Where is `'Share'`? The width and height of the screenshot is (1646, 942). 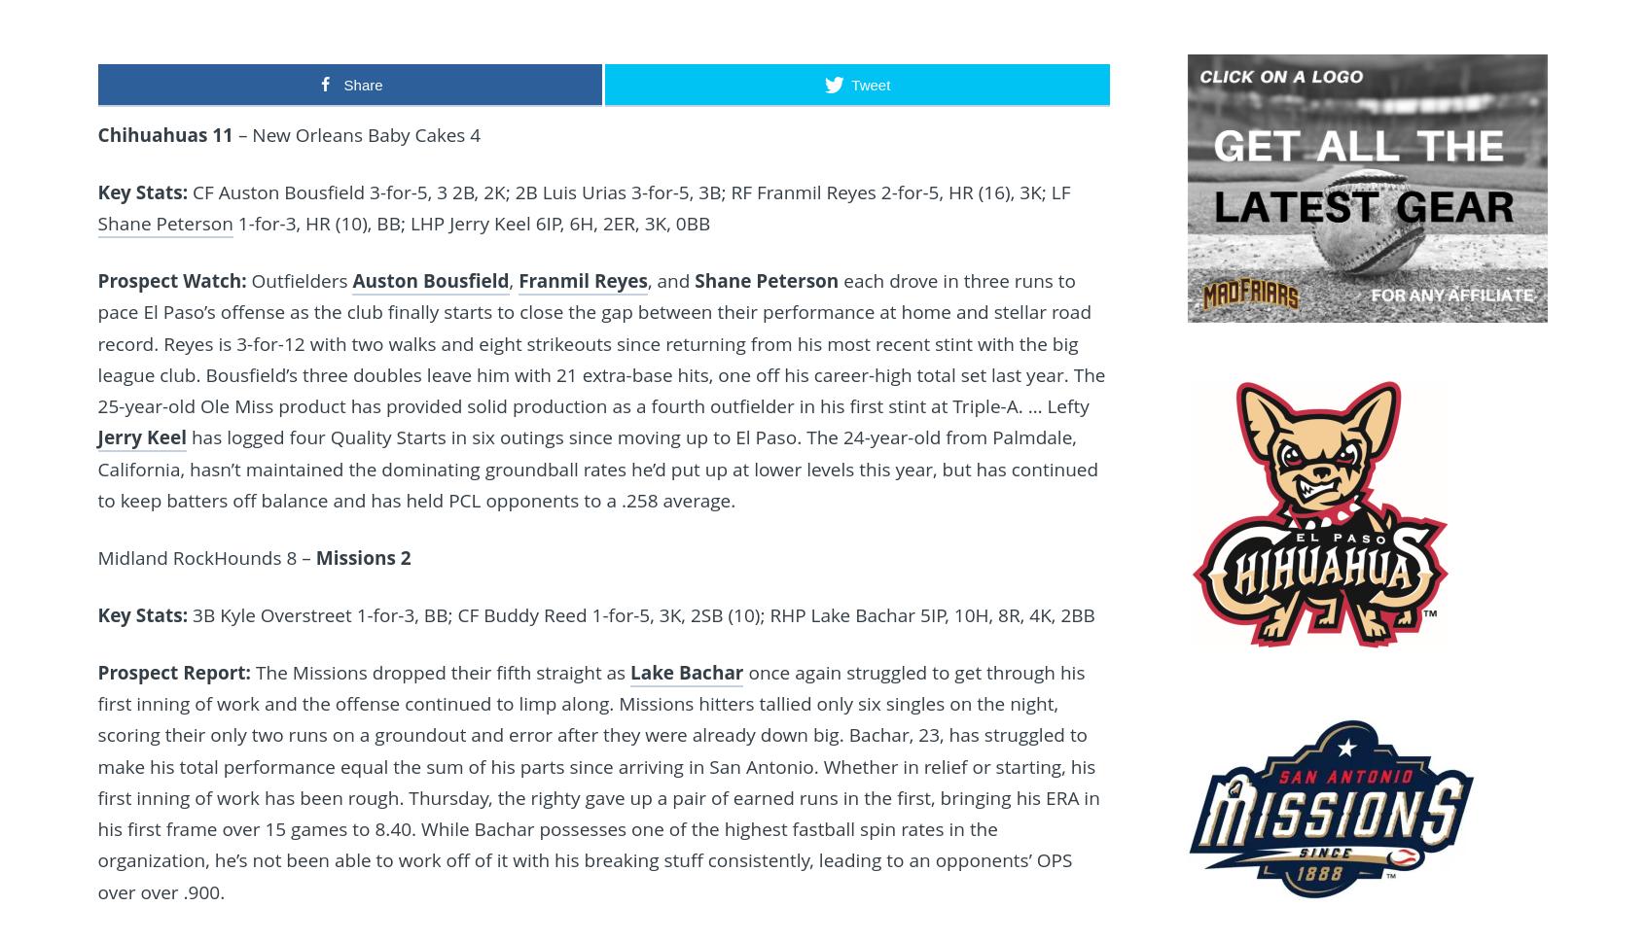 'Share' is located at coordinates (362, 83).